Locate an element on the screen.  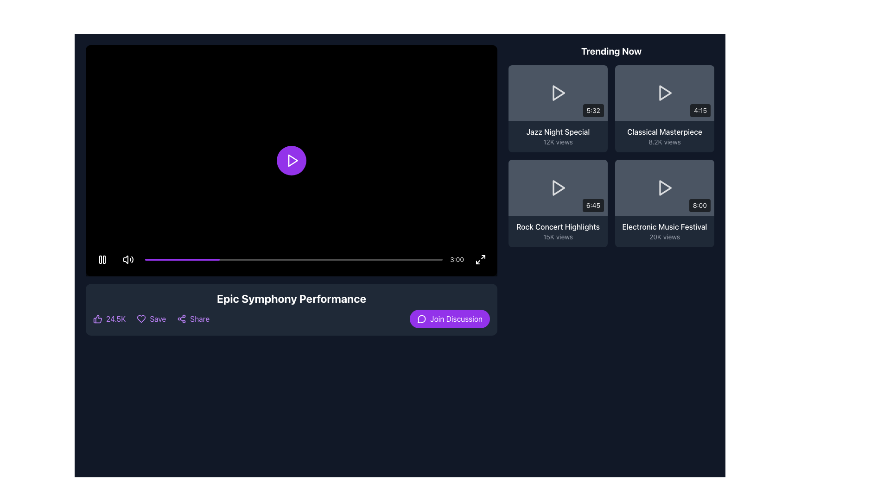
the decorative icon indicating the discussion or messaging action, located to the left of the 'Join Discussion' button in the bottom-right section of the interface is located at coordinates (421, 318).